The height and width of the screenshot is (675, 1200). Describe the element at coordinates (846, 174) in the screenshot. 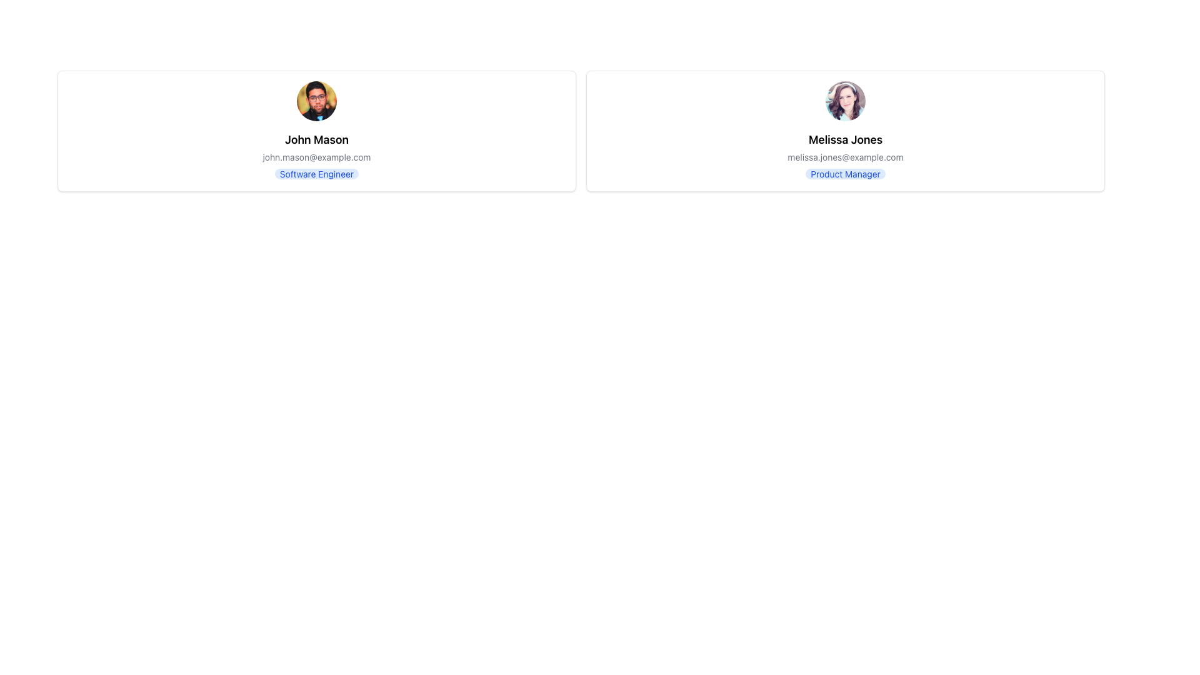

I see `the label displaying 'Product Manager' styled with a blue font color on a light blue background, located below 'melissa.jones@example.com' in the profile card of Melissa Jones` at that location.